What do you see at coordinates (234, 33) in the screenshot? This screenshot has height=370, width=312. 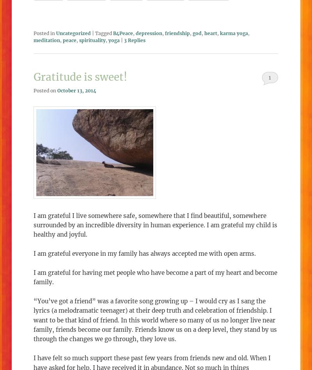 I see `'karma yoga'` at bounding box center [234, 33].